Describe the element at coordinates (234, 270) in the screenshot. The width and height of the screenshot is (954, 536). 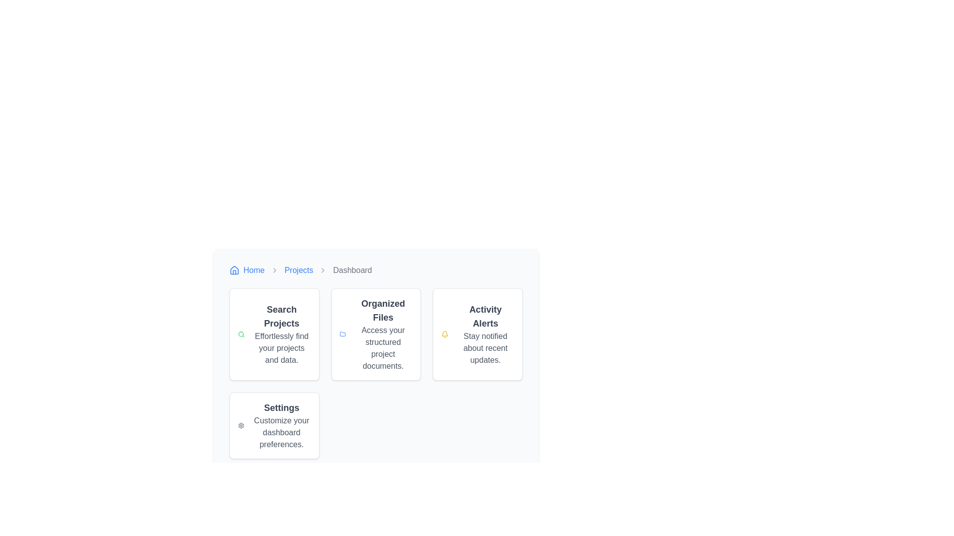
I see `the 'Home' icon in the breadcrumb navigation bar located at the top left region` at that location.